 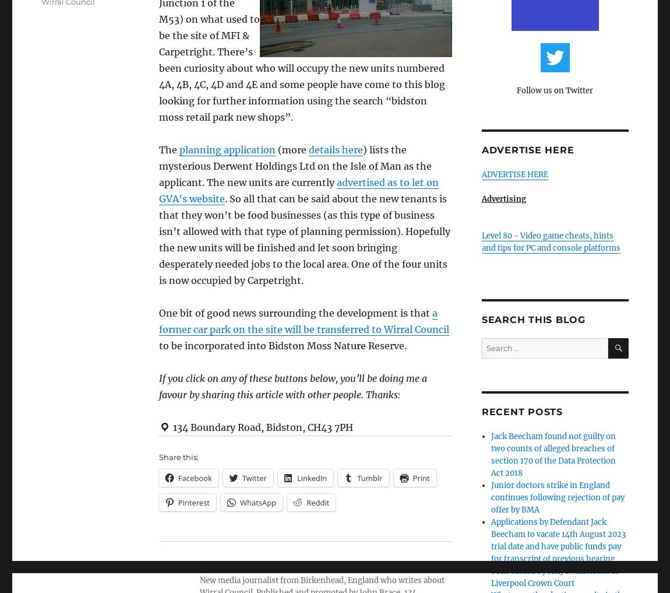 What do you see at coordinates (533, 319) in the screenshot?
I see `'Search this blog'` at bounding box center [533, 319].